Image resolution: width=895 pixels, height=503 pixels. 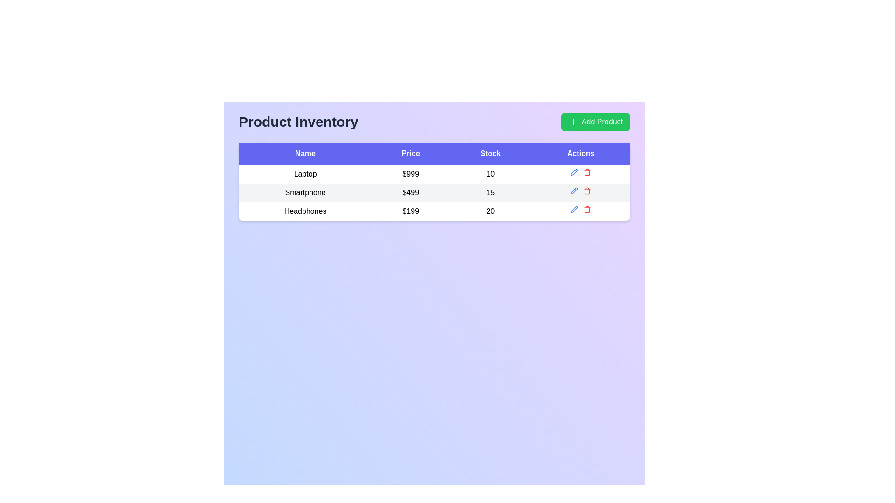 What do you see at coordinates (490, 153) in the screenshot?
I see `the table header cell labeled 'Stock', which is the third column header with white text on a blue background, positioned between the 'Price' and 'Actions' columns` at bounding box center [490, 153].